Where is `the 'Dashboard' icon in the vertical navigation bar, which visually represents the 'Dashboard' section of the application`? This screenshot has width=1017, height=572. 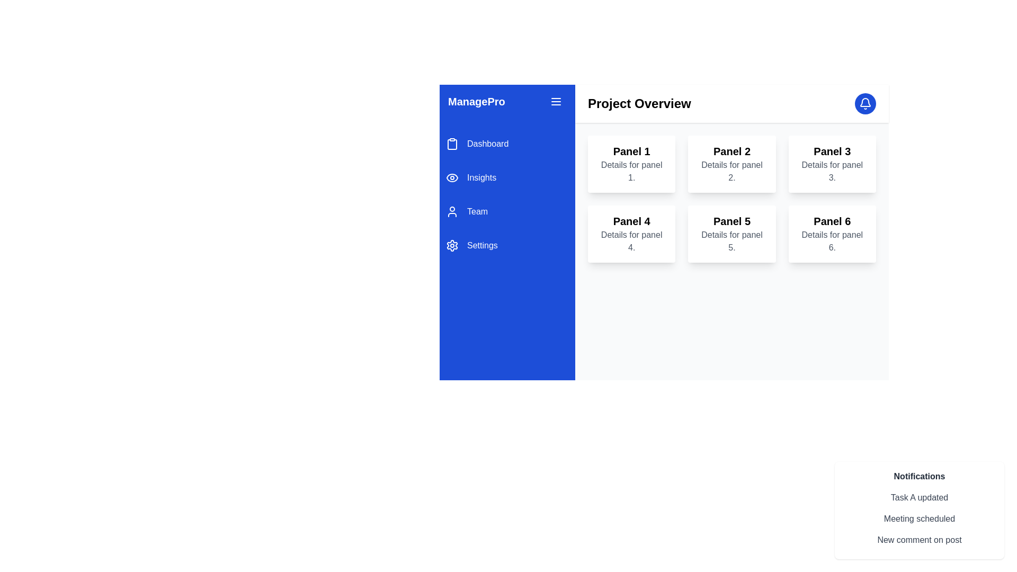 the 'Dashboard' icon in the vertical navigation bar, which visually represents the 'Dashboard' section of the application is located at coordinates (452, 144).